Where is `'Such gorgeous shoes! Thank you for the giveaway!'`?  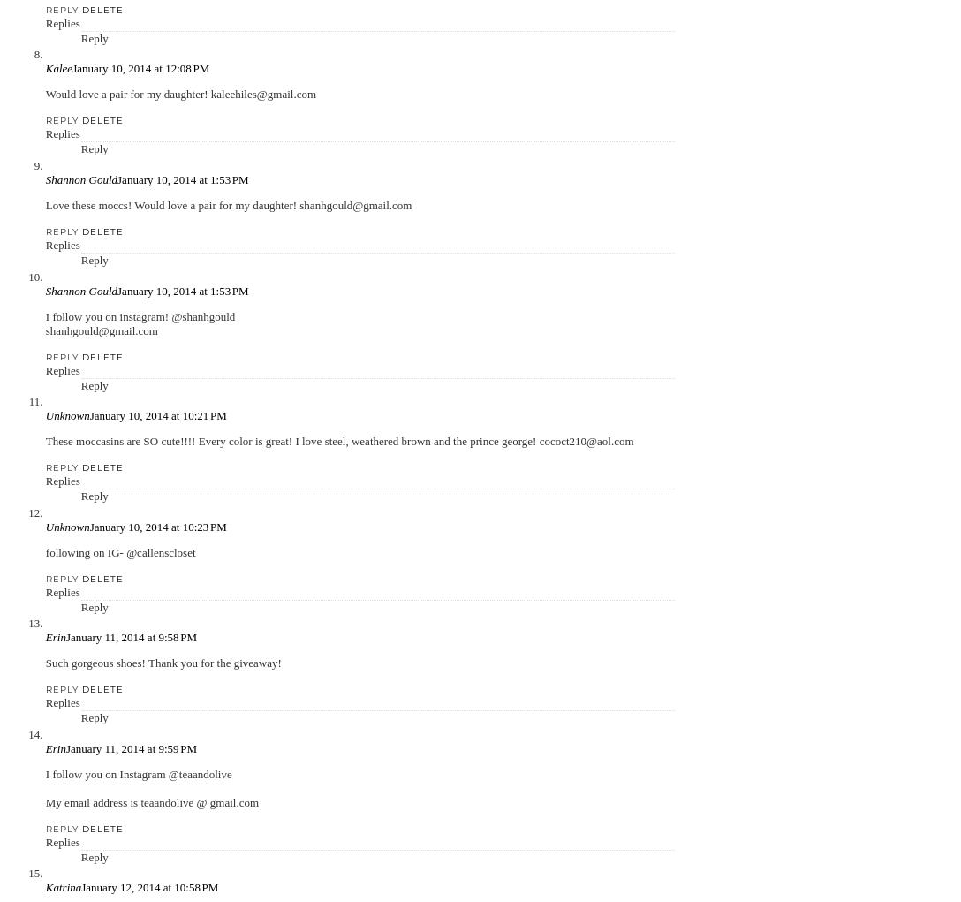
'Such gorgeous shoes! Thank you for the giveaway!' is located at coordinates (162, 663).